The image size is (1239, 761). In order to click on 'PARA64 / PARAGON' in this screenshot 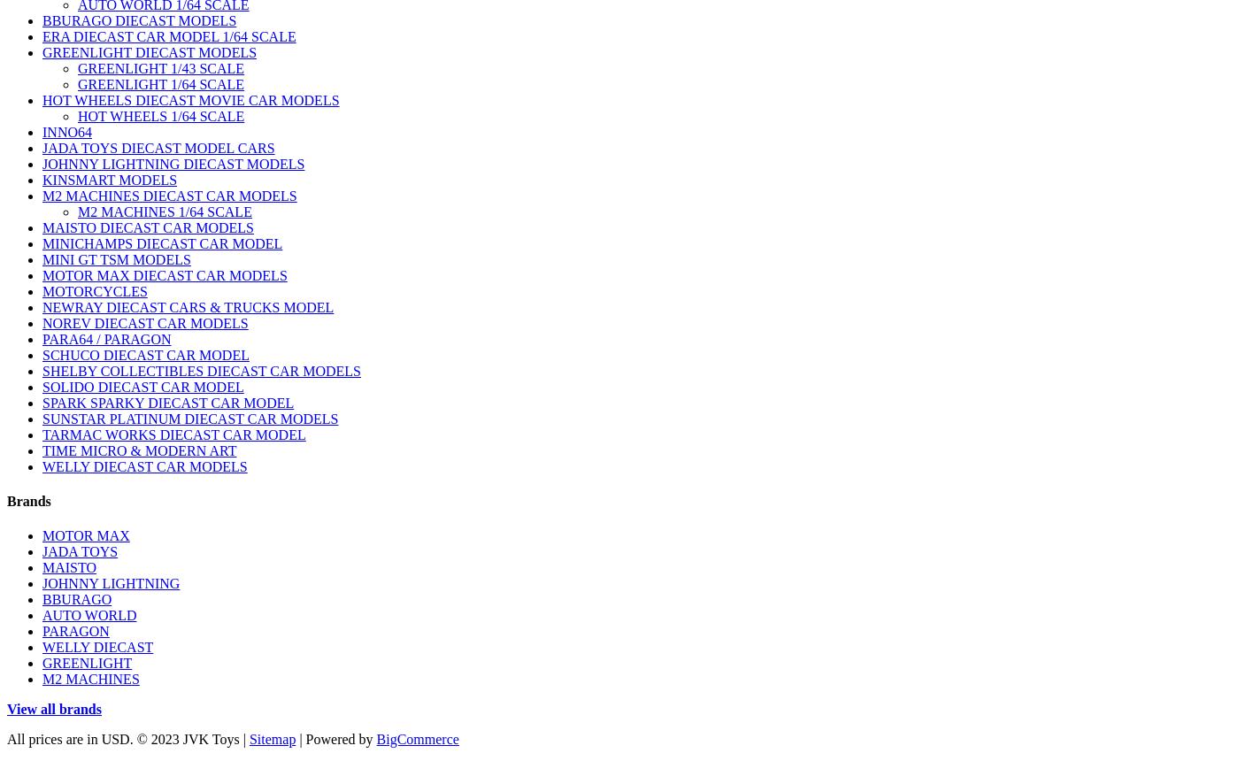, I will do `click(106, 337)`.